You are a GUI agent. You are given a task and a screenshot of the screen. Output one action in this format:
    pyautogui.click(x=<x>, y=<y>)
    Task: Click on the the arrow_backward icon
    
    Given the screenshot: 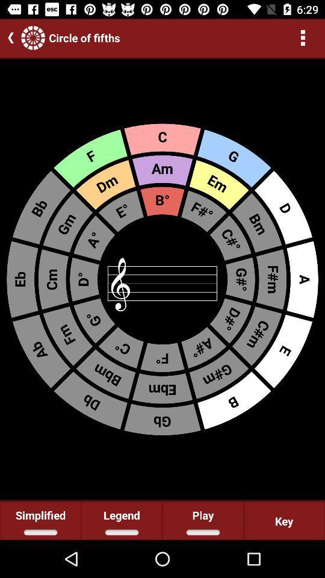 What is the action you would take?
    pyautogui.click(x=8, y=37)
    